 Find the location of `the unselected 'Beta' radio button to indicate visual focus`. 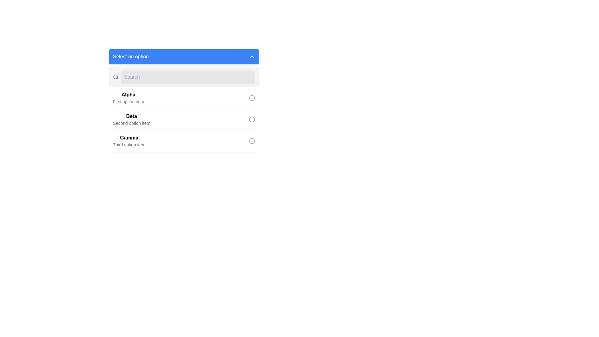

the unselected 'Beta' radio button to indicate visual focus is located at coordinates (252, 119).